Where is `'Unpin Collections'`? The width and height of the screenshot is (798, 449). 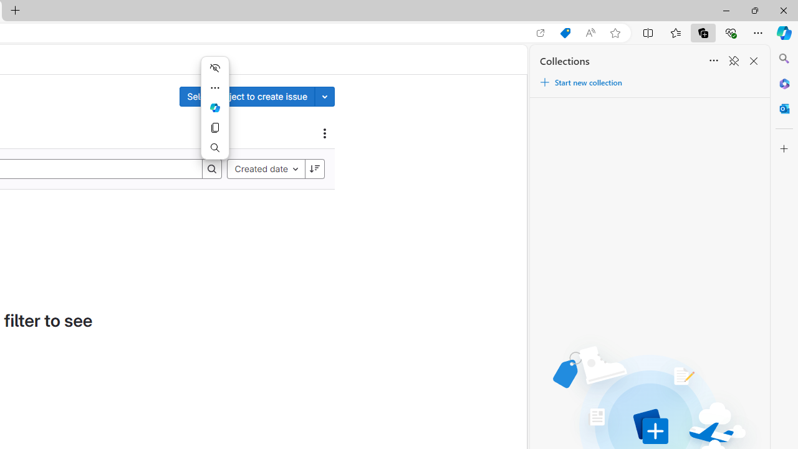 'Unpin Collections' is located at coordinates (733, 61).